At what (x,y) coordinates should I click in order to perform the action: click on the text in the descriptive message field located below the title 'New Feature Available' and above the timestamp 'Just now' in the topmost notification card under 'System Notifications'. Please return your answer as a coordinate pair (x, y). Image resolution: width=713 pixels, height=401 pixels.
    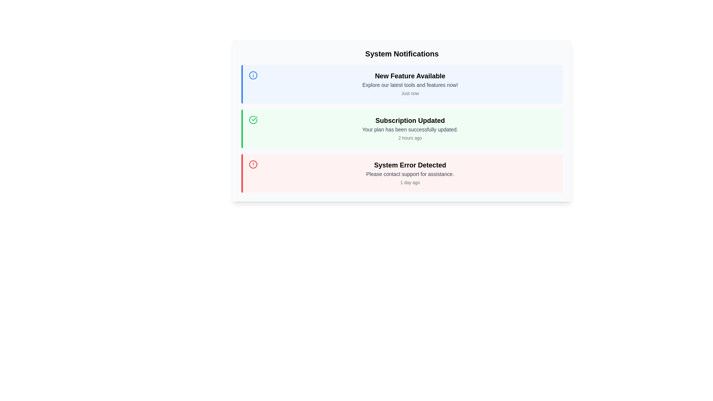
    Looking at the image, I should click on (410, 84).